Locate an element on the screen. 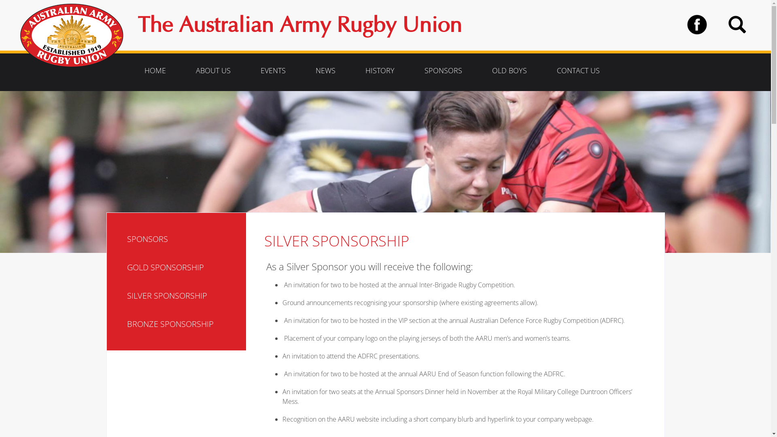 This screenshot has width=777, height=437. 'HISTORY' is located at coordinates (380, 70).